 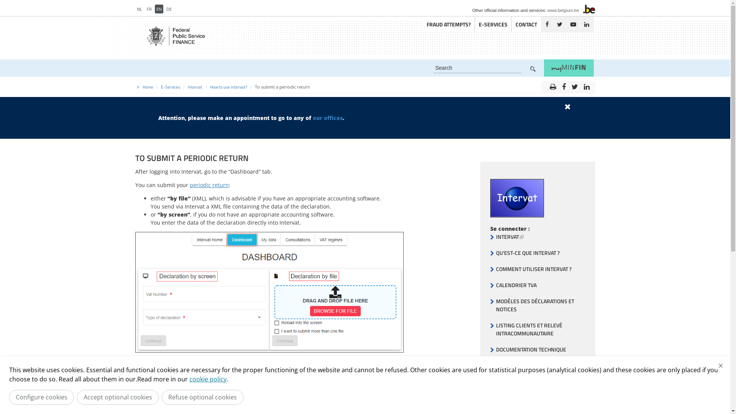 What do you see at coordinates (149, 9) in the screenshot?
I see `'FR'` at bounding box center [149, 9].